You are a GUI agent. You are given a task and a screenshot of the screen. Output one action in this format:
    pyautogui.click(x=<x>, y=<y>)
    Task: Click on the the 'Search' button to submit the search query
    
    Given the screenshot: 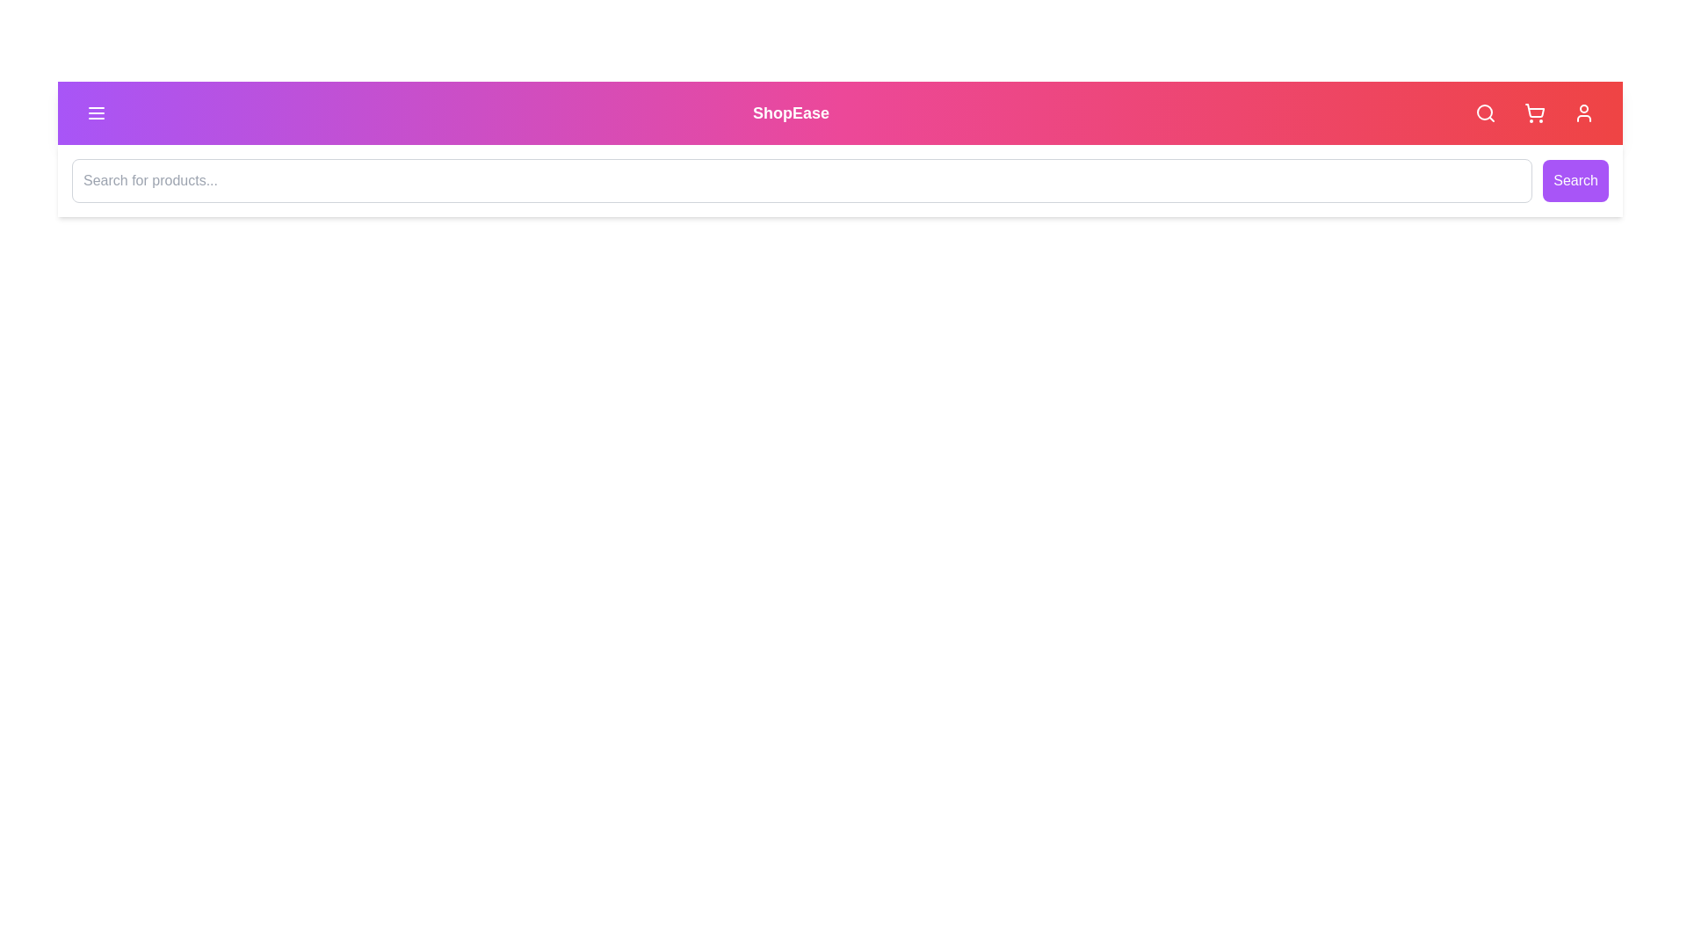 What is the action you would take?
    pyautogui.click(x=1575, y=180)
    